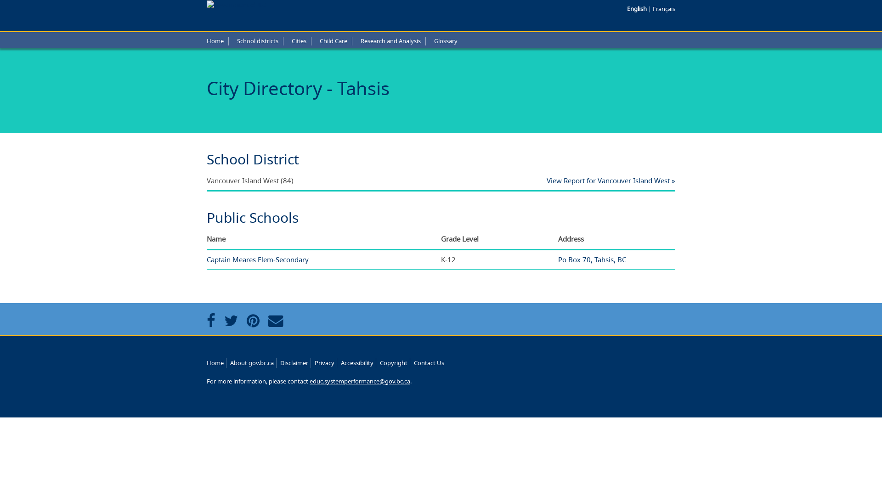 Image resolution: width=882 pixels, height=496 pixels. I want to click on 'About gov.bc.ca', so click(252, 362).